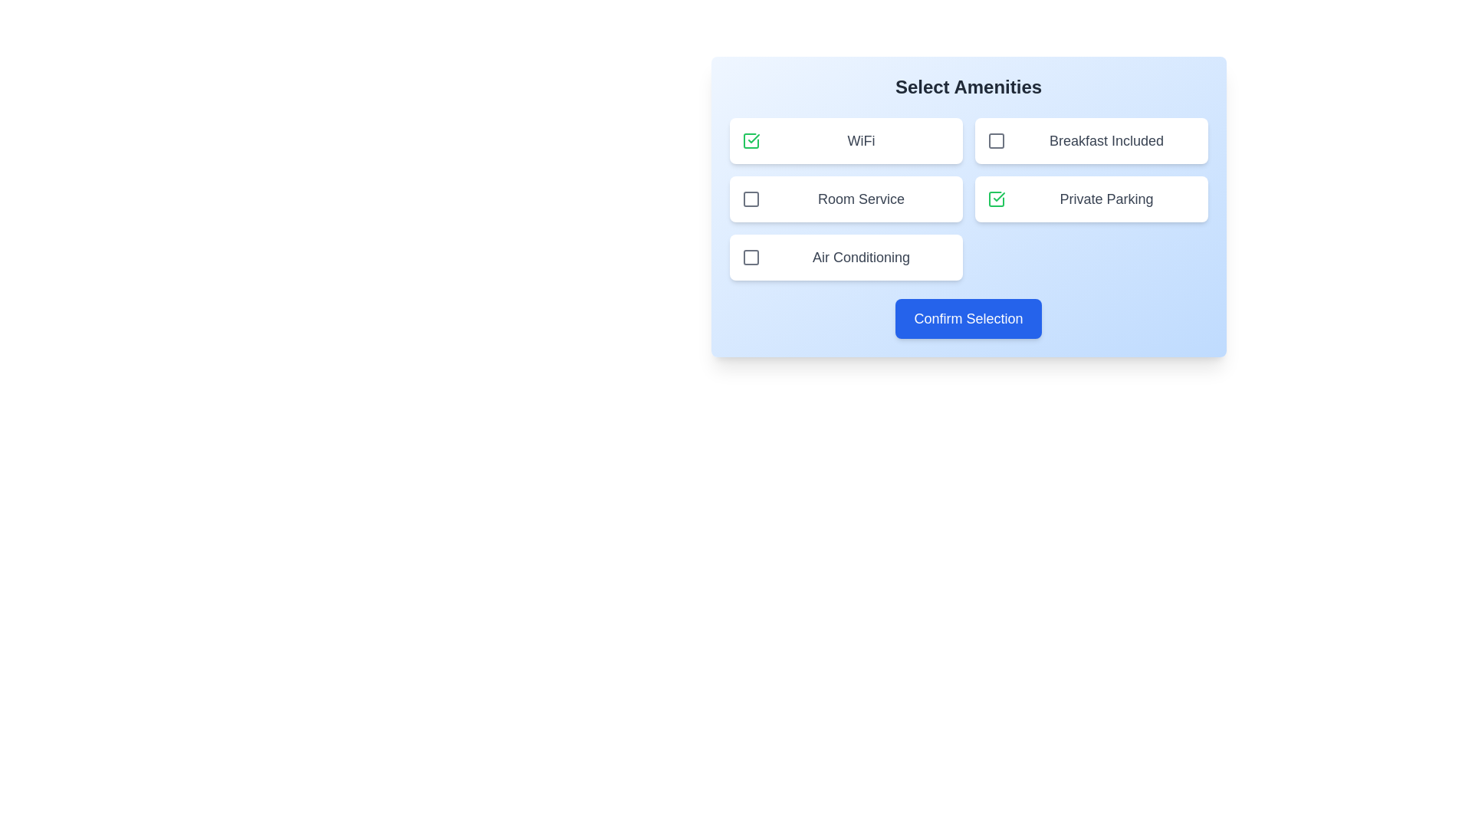 The width and height of the screenshot is (1472, 828). What do you see at coordinates (968, 318) in the screenshot?
I see `the rectangular blue button labeled 'Confirm Selection'` at bounding box center [968, 318].